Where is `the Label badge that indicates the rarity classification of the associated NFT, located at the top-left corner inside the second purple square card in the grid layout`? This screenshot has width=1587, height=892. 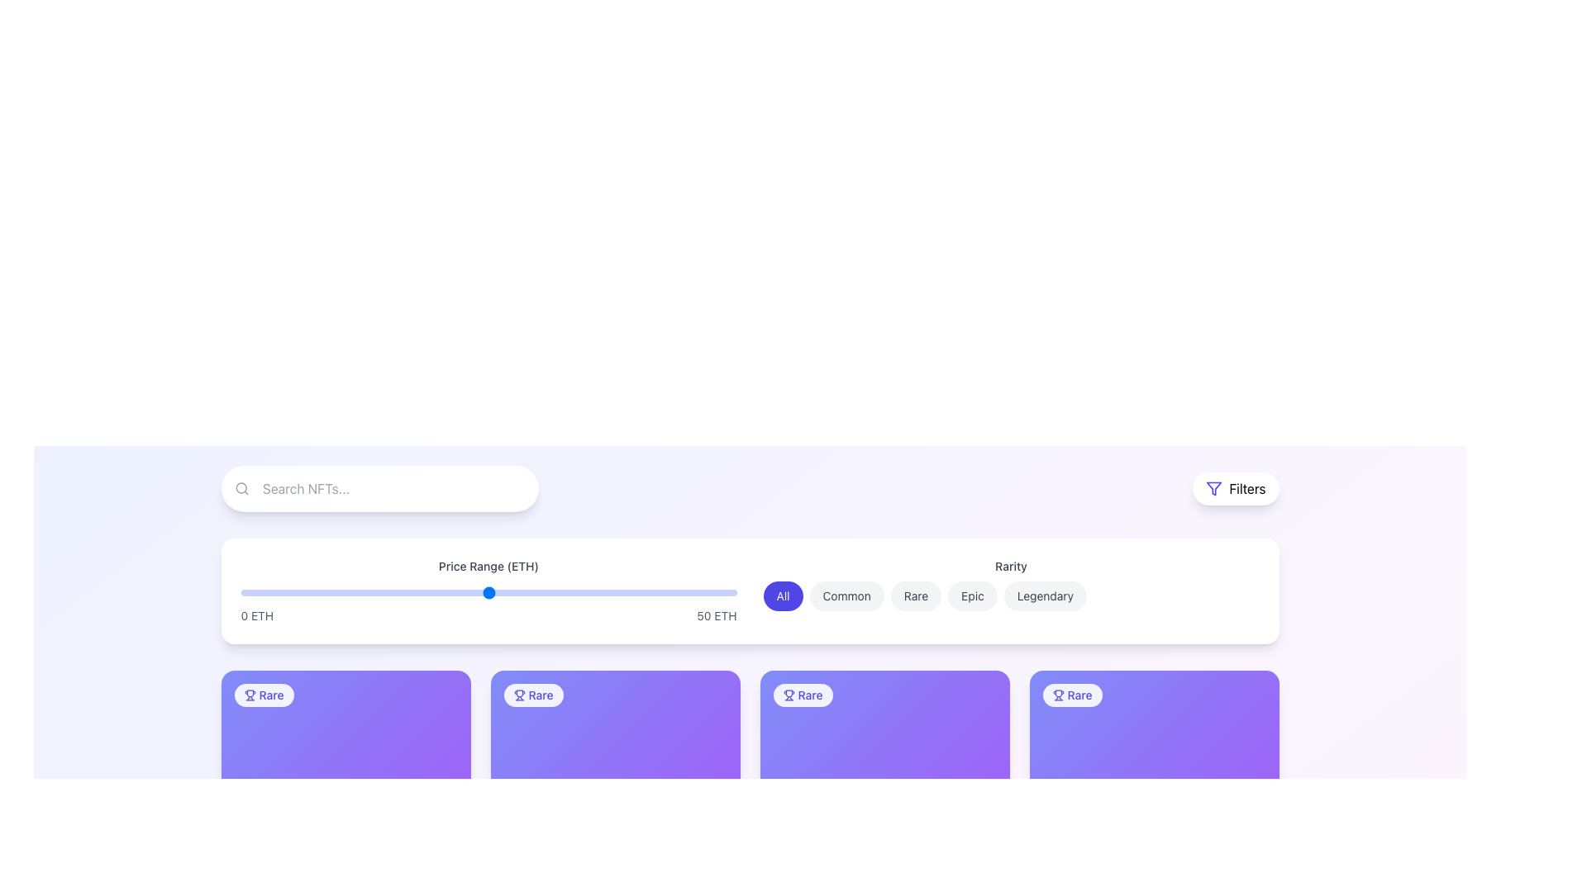 the Label badge that indicates the rarity classification of the associated NFT, located at the top-left corner inside the second purple square card in the grid layout is located at coordinates (803, 695).